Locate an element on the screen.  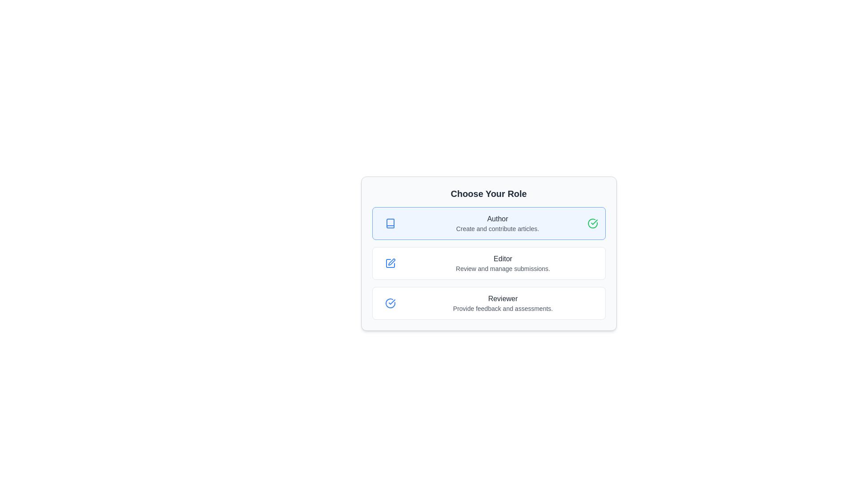
the 'Author' button icon which visually represents the role of 'Author' for creating and contributing articles, located at the top of the list of role options is located at coordinates (390, 223).